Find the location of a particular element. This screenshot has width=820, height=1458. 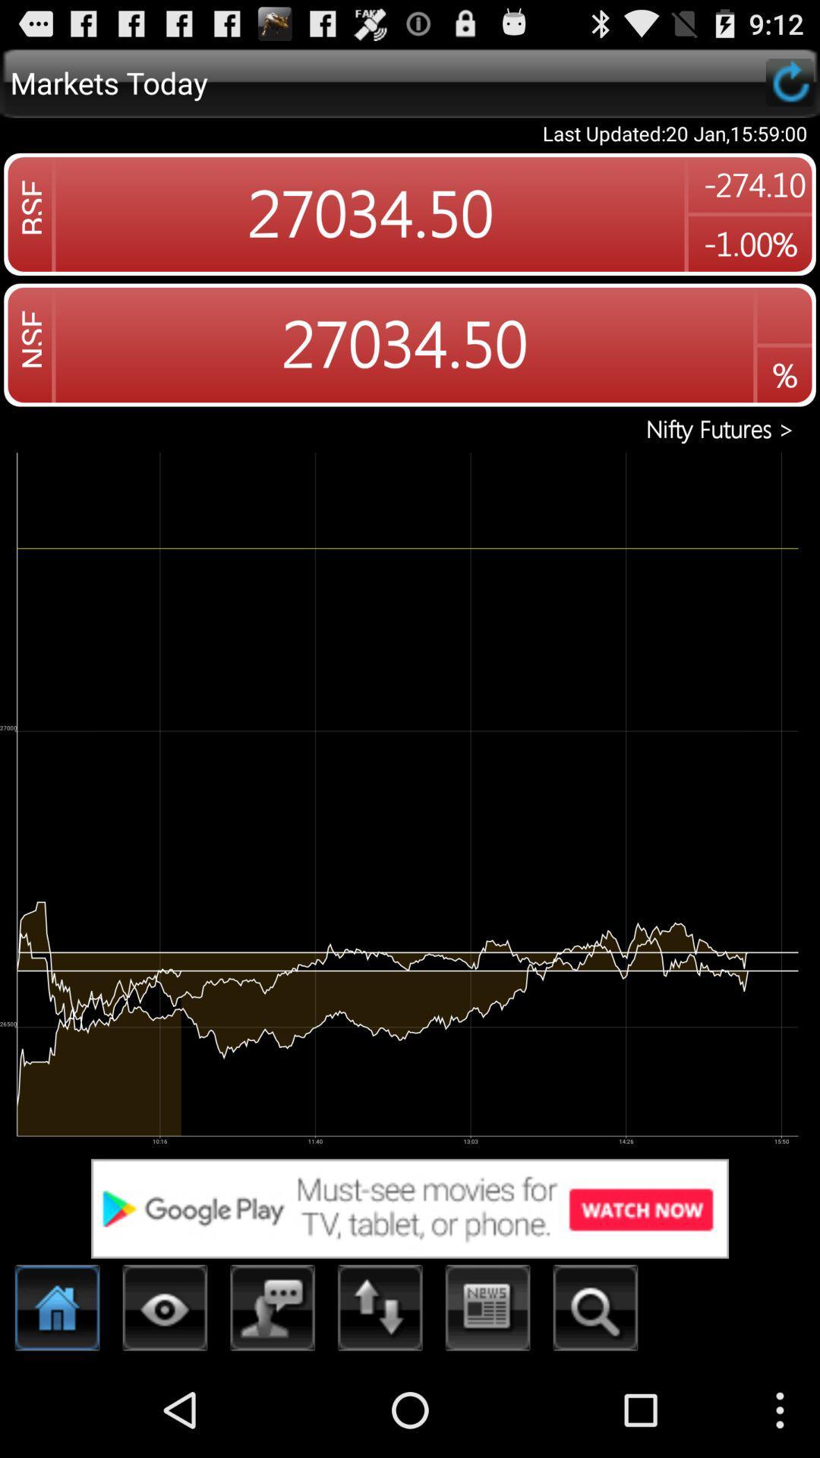

reading mode is located at coordinates (165, 1311).